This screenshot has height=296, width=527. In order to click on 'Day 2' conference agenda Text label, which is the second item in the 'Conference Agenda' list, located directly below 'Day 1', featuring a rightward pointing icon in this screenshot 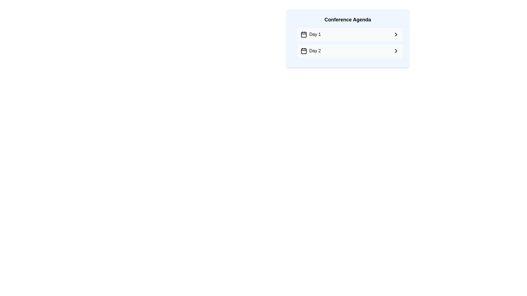, I will do `click(310, 51)`.